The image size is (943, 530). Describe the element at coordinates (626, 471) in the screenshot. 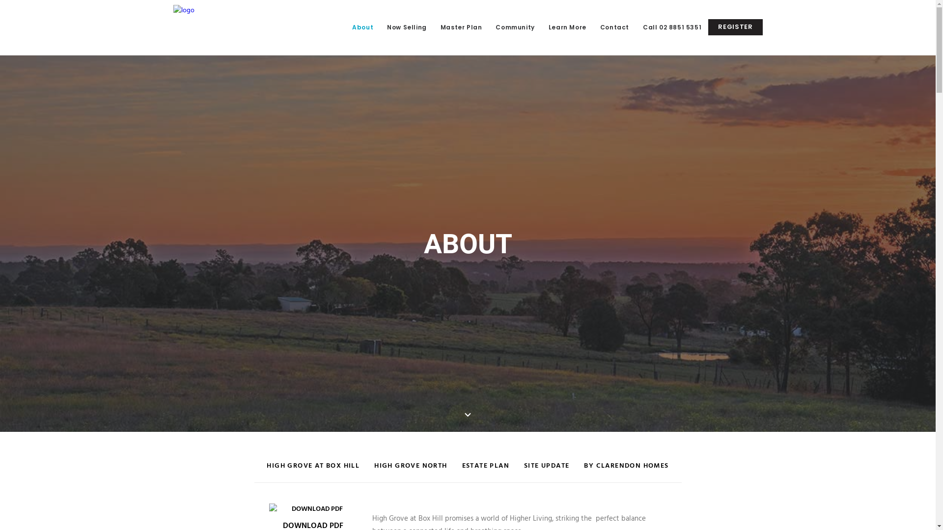

I see `'BY CLARENDON HOMES'` at that location.